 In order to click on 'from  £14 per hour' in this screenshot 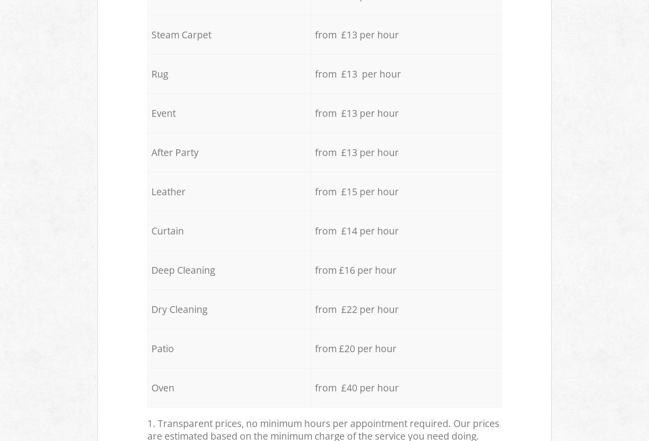, I will do `click(357, 230)`.